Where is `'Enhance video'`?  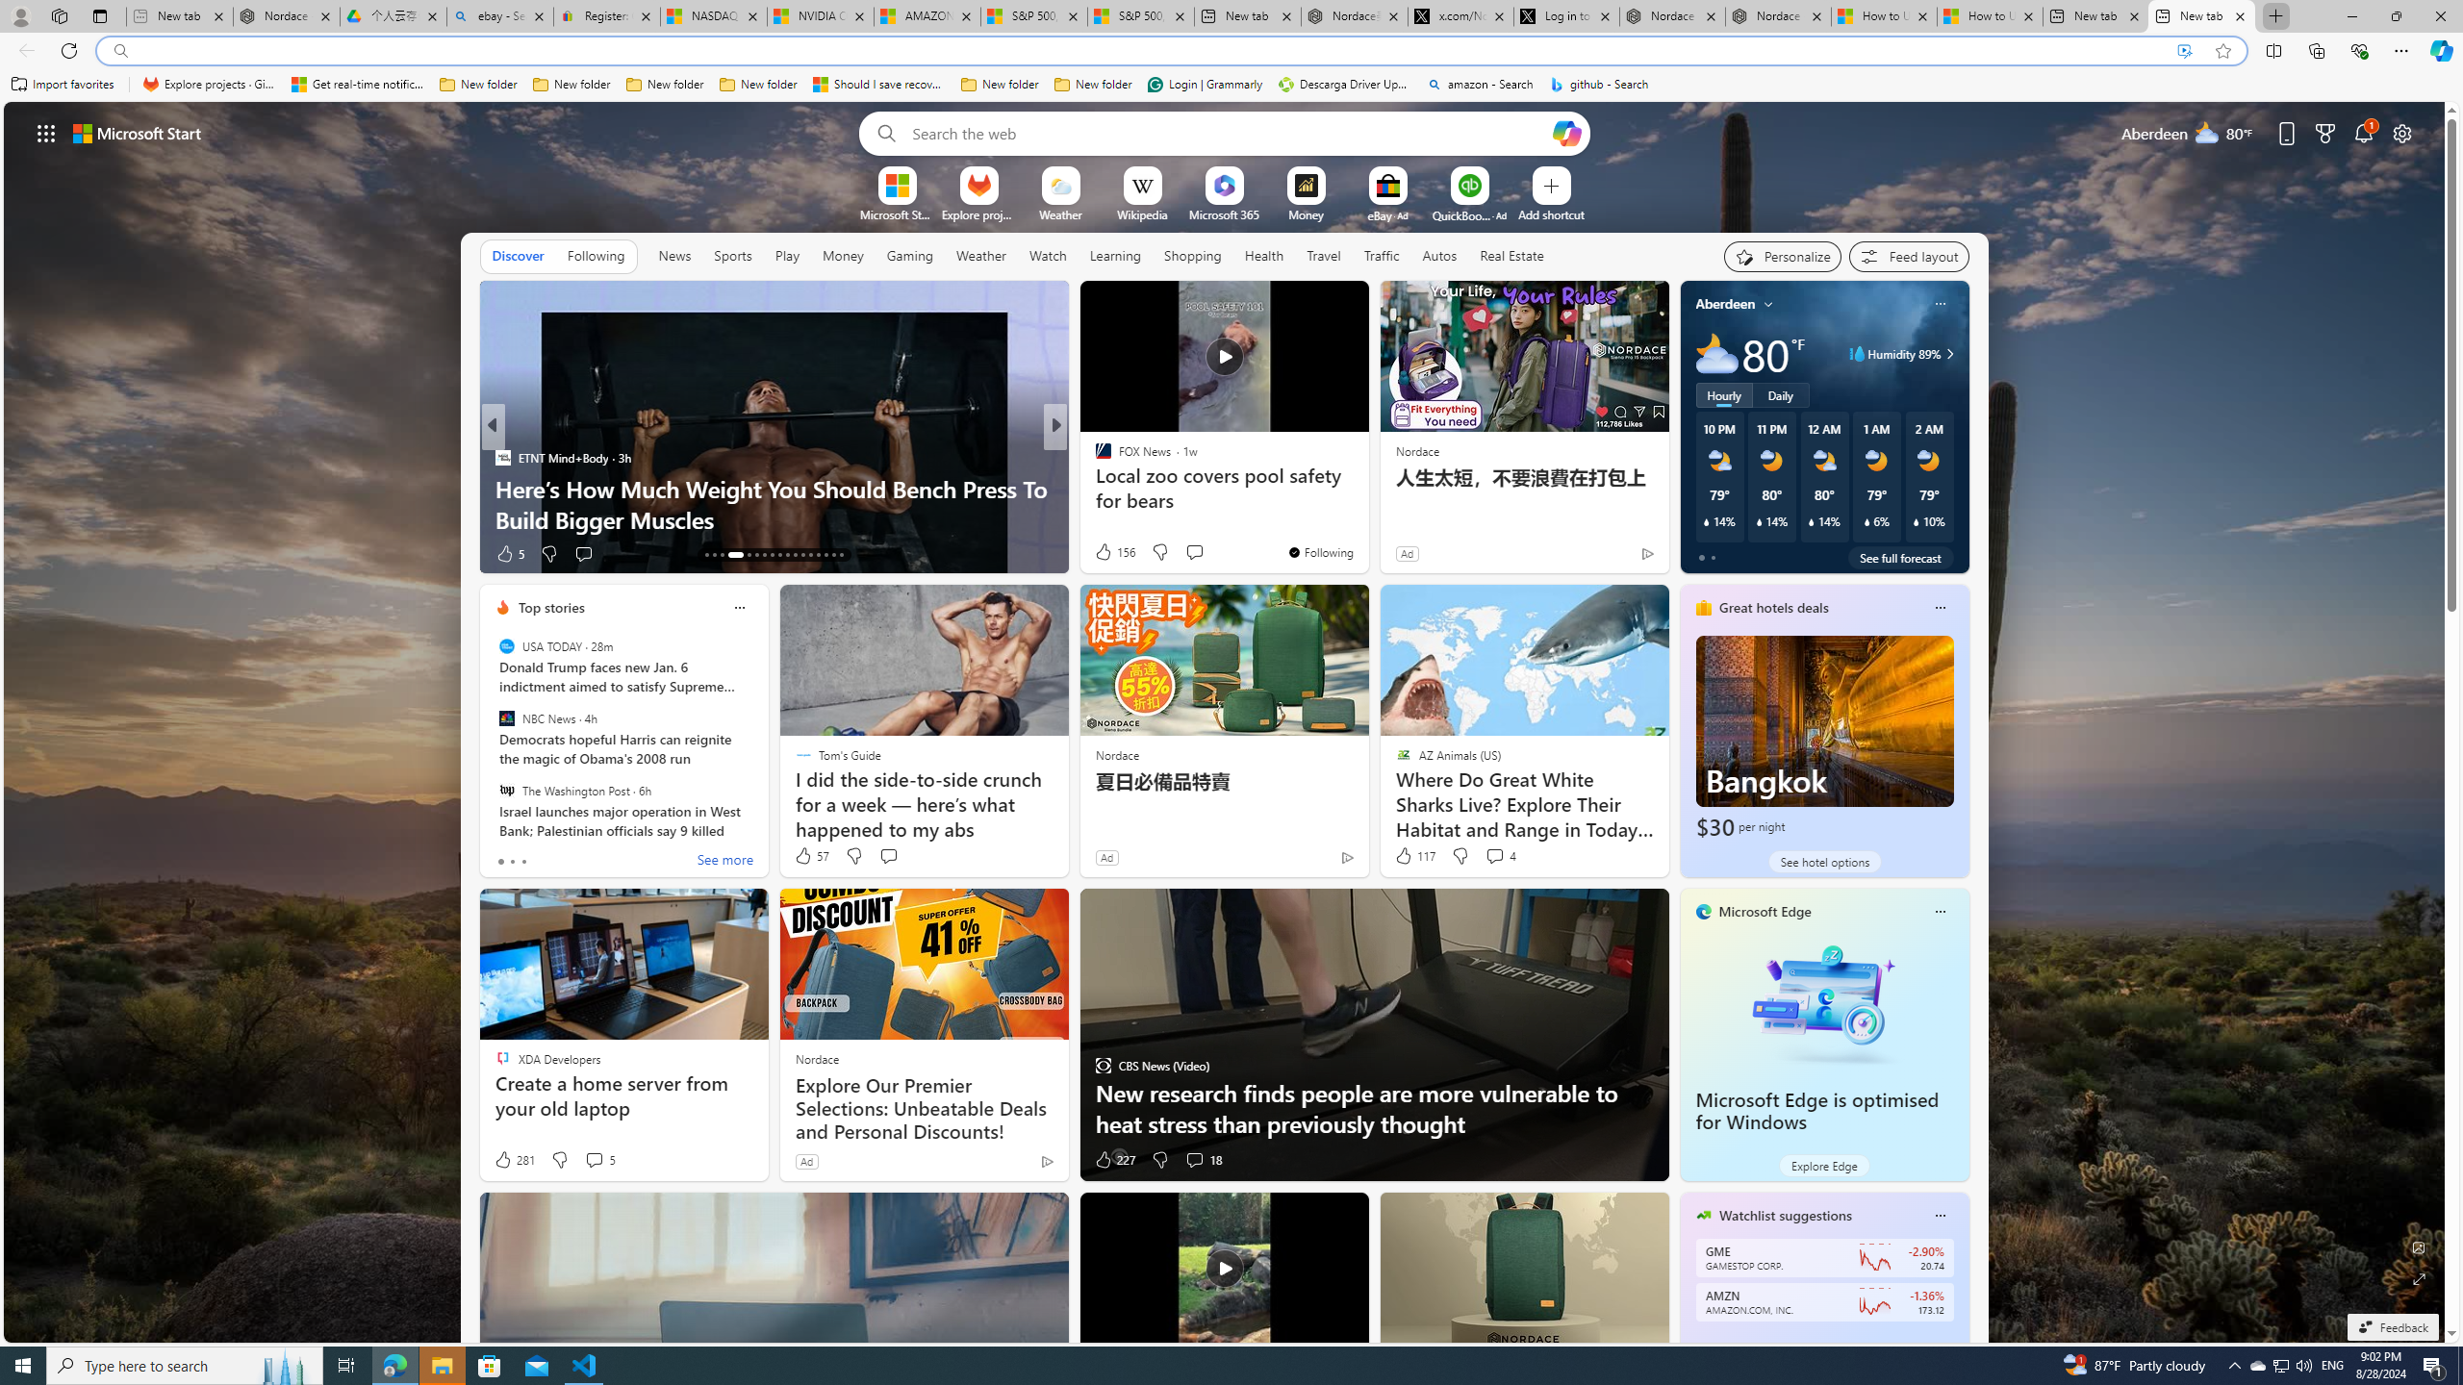
'Enhance video' is located at coordinates (2184, 51).